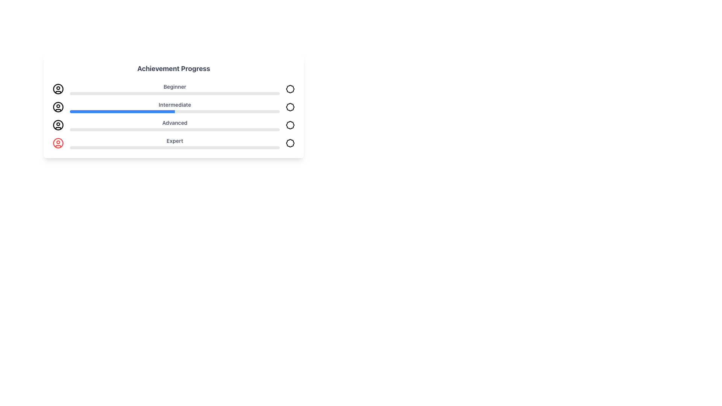 The height and width of the screenshot is (406, 722). Describe the element at coordinates (174, 93) in the screenshot. I see `the progress bar with a gray background and green segment located beneath the 'Beginner' label` at that location.